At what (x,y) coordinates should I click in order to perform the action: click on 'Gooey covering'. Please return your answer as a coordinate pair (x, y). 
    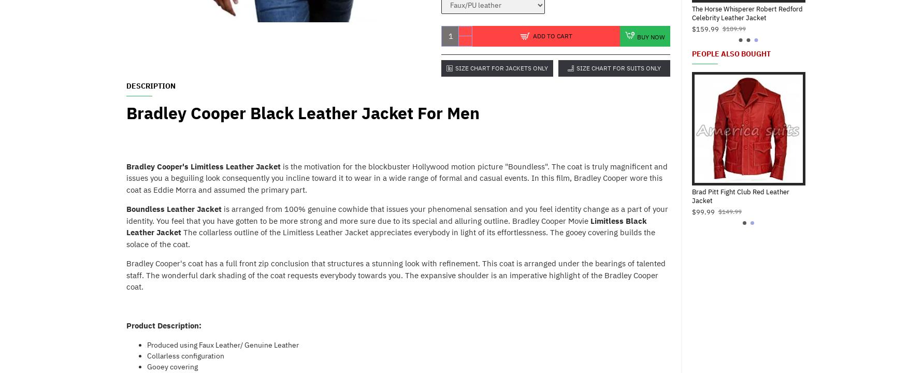
    Looking at the image, I should click on (172, 365).